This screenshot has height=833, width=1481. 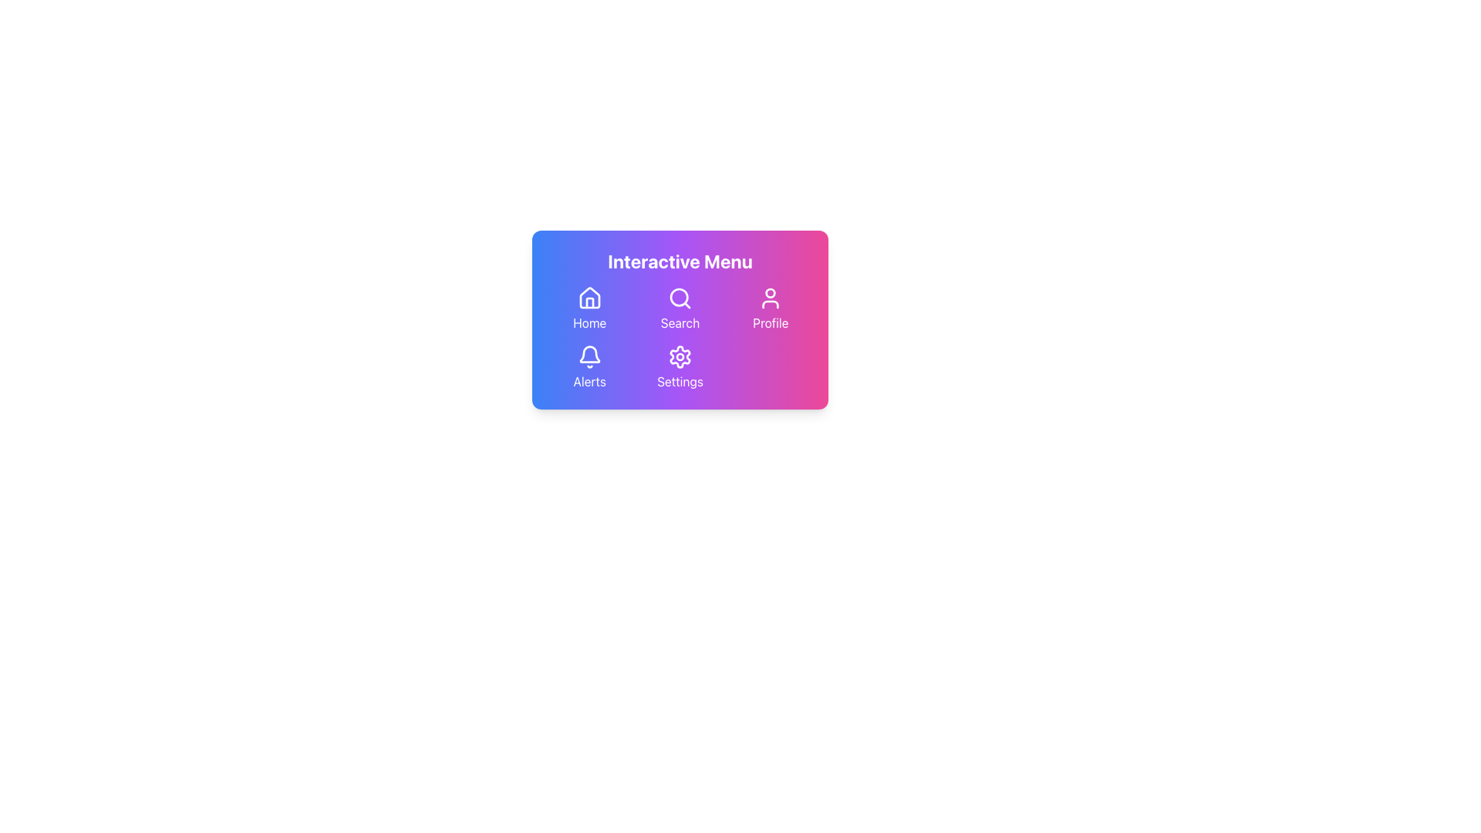 What do you see at coordinates (589, 298) in the screenshot?
I see `the simplistic white vector graphic house icon located in the top-left corner of the 'Interactive Menu'` at bounding box center [589, 298].